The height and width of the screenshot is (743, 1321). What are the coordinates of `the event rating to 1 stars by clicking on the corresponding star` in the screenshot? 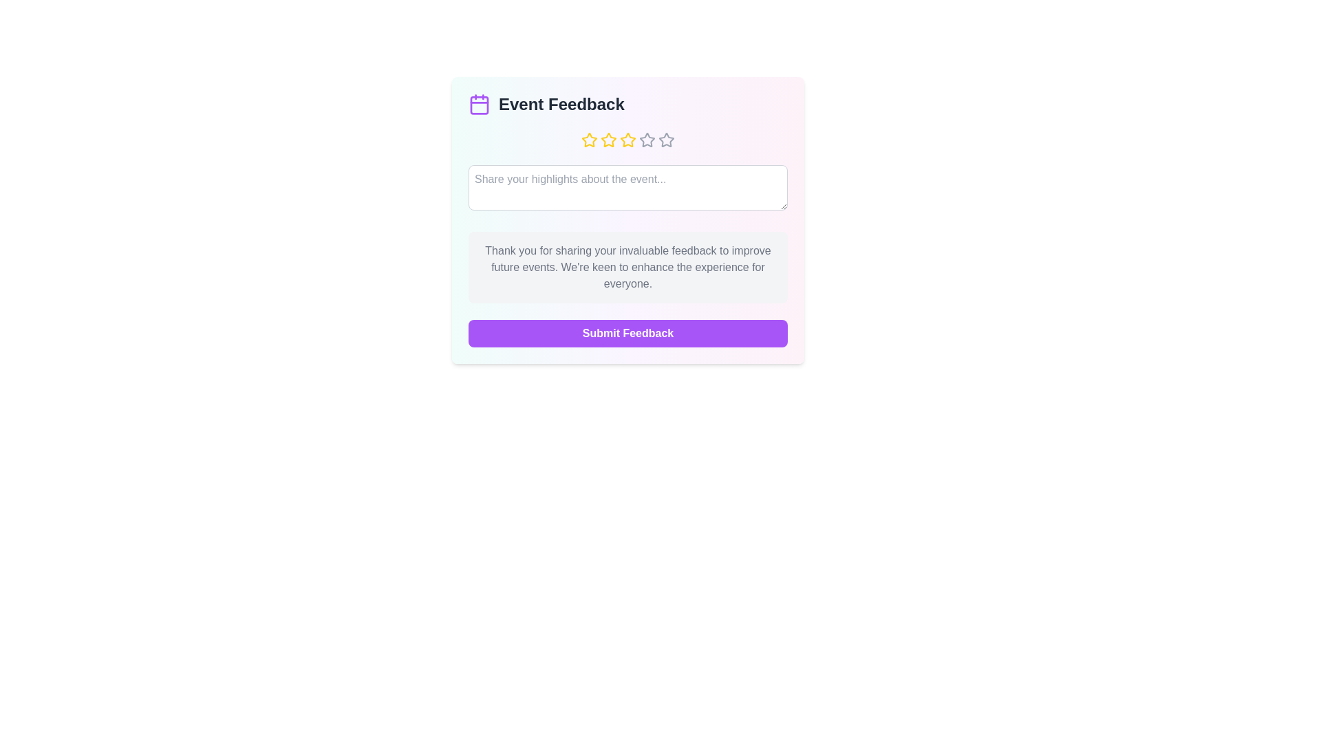 It's located at (590, 140).